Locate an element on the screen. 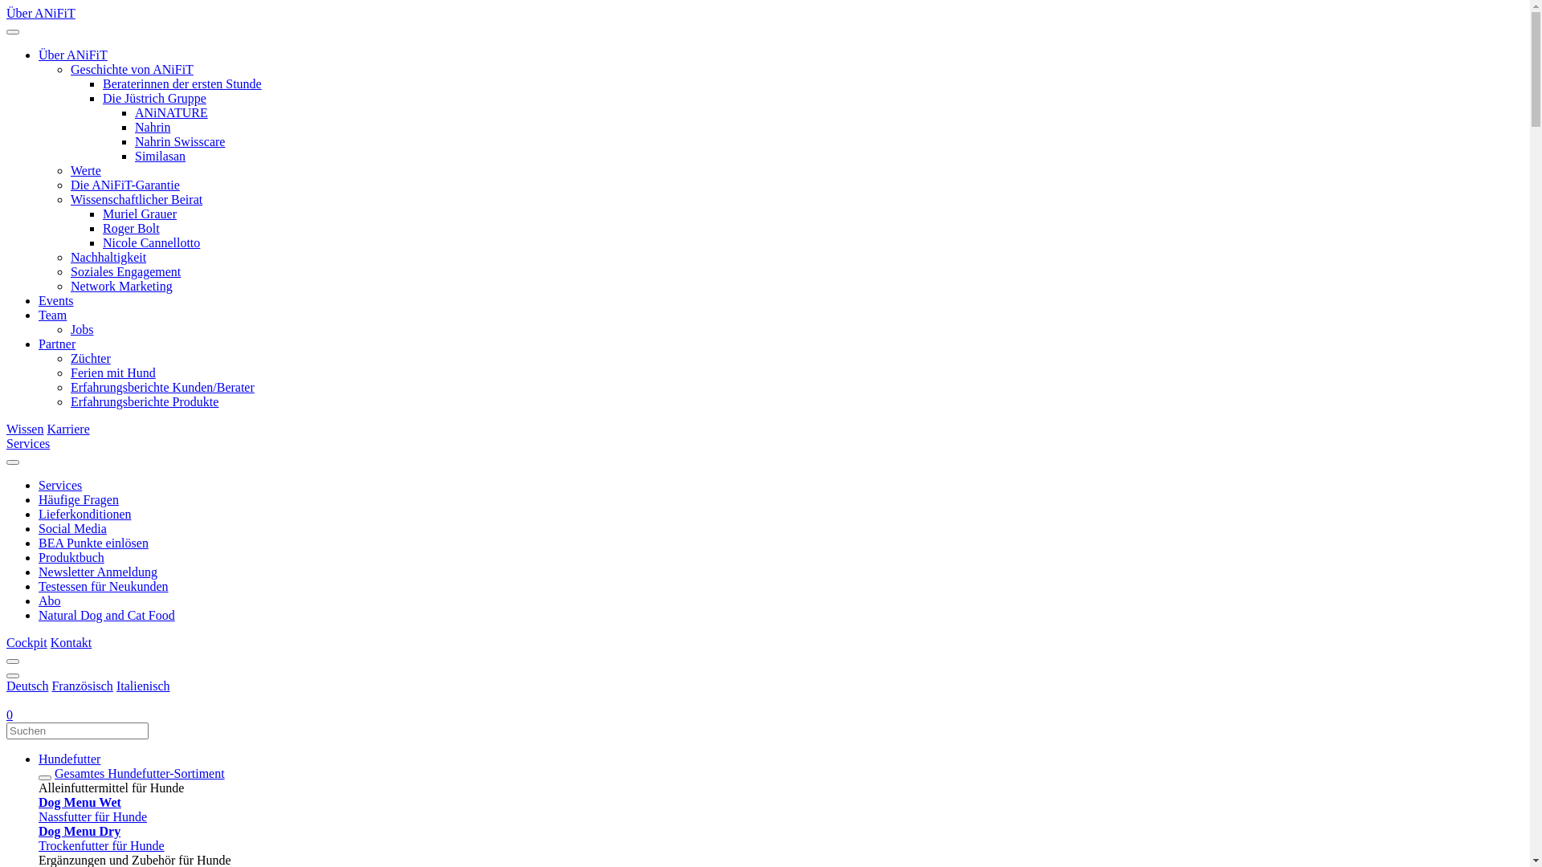  'Network Marketing' is located at coordinates (120, 285).